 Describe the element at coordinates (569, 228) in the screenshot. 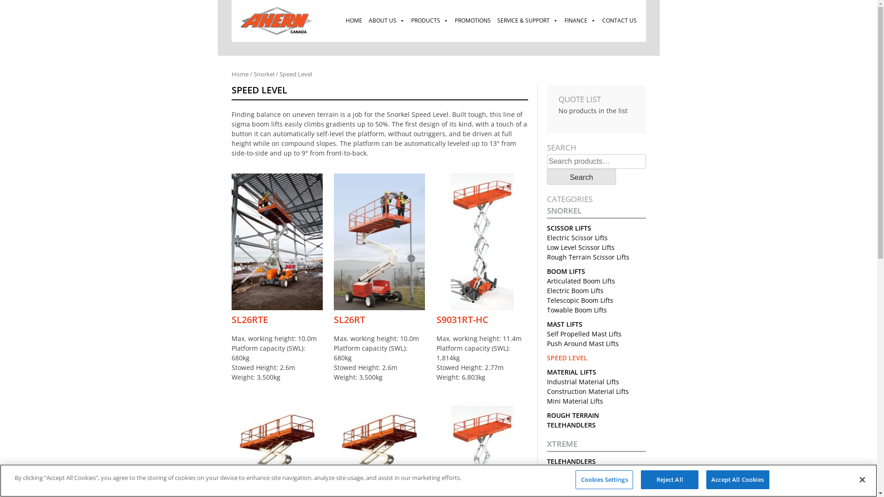

I see `'SCISSOR LIFTS'` at that location.